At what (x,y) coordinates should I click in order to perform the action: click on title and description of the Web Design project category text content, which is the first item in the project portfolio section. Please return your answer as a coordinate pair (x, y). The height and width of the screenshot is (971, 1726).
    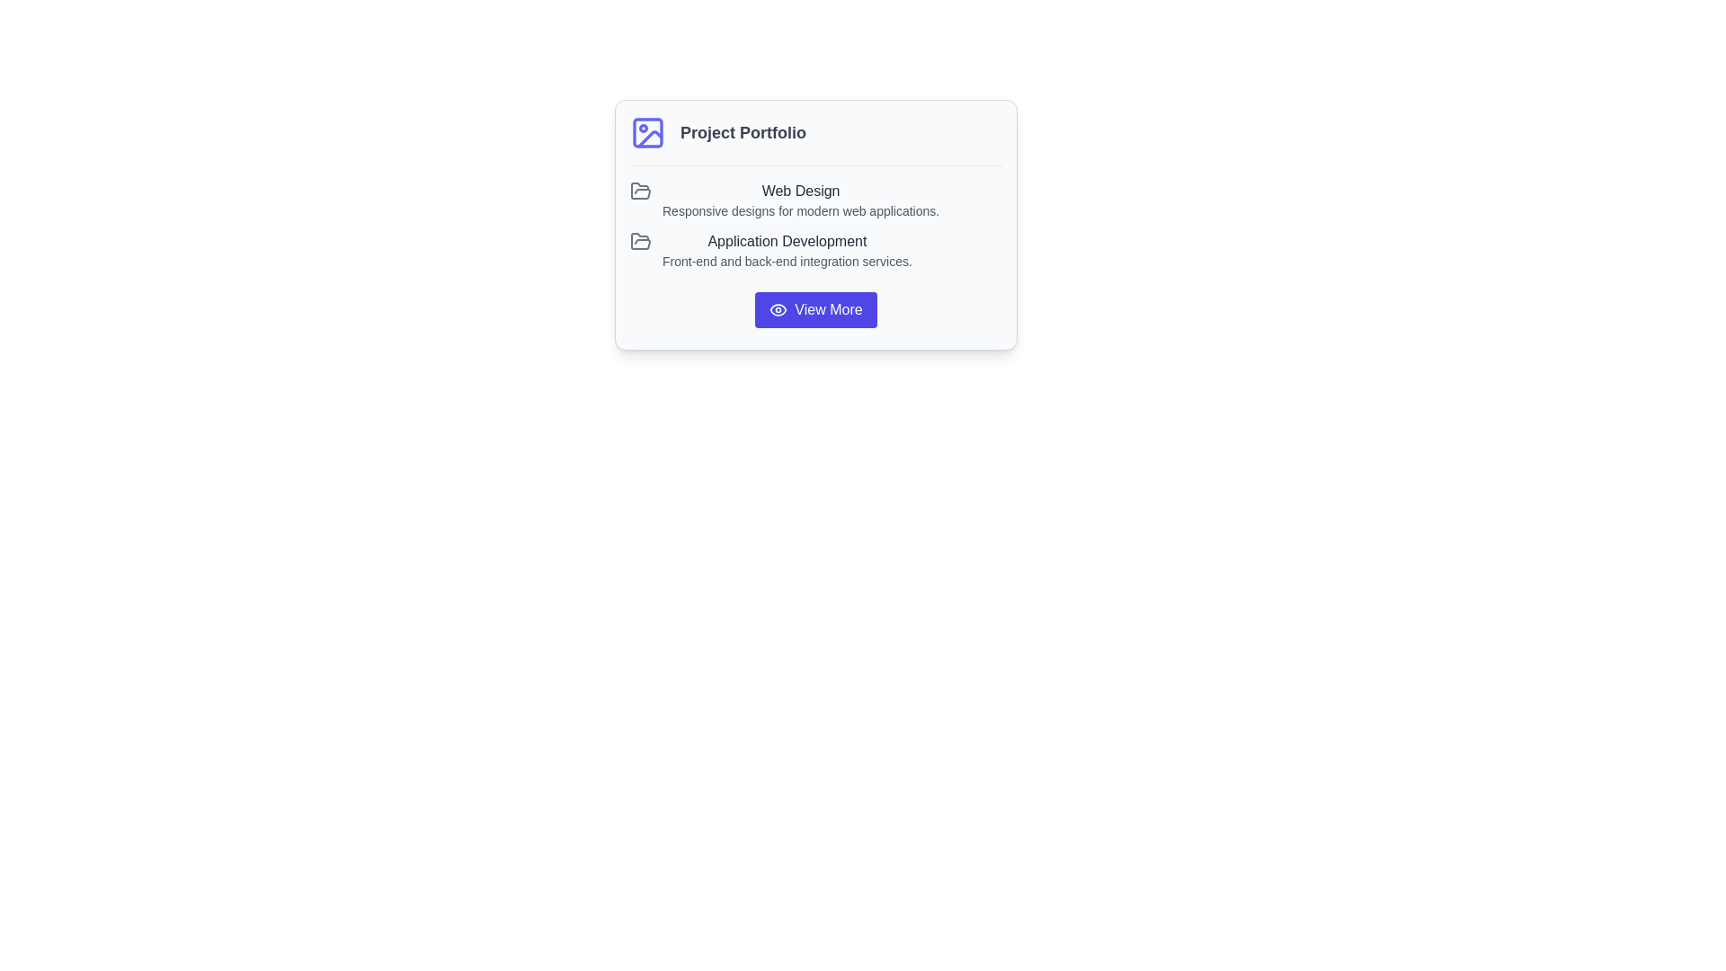
    Looking at the image, I should click on (800, 200).